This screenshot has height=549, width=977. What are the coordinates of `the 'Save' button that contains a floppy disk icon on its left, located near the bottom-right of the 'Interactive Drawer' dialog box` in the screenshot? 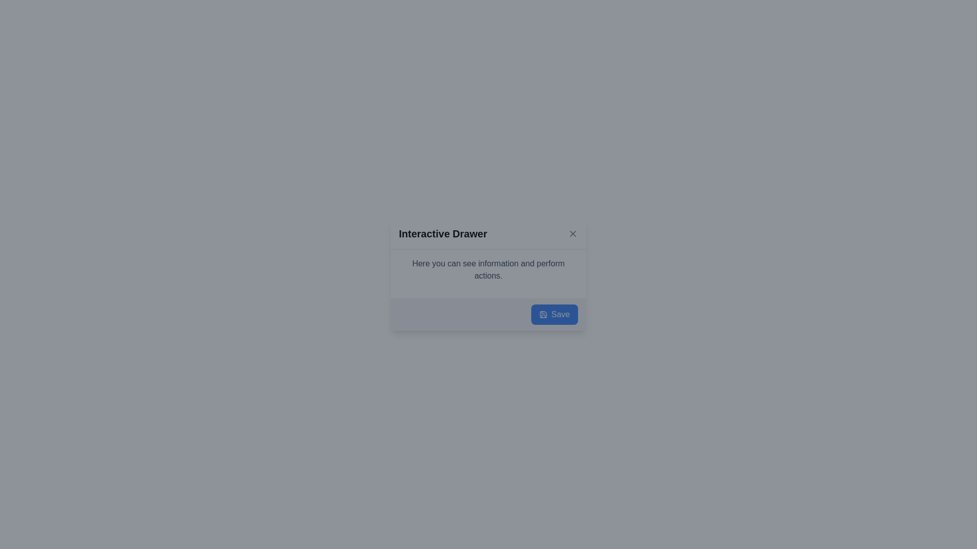 It's located at (542, 314).